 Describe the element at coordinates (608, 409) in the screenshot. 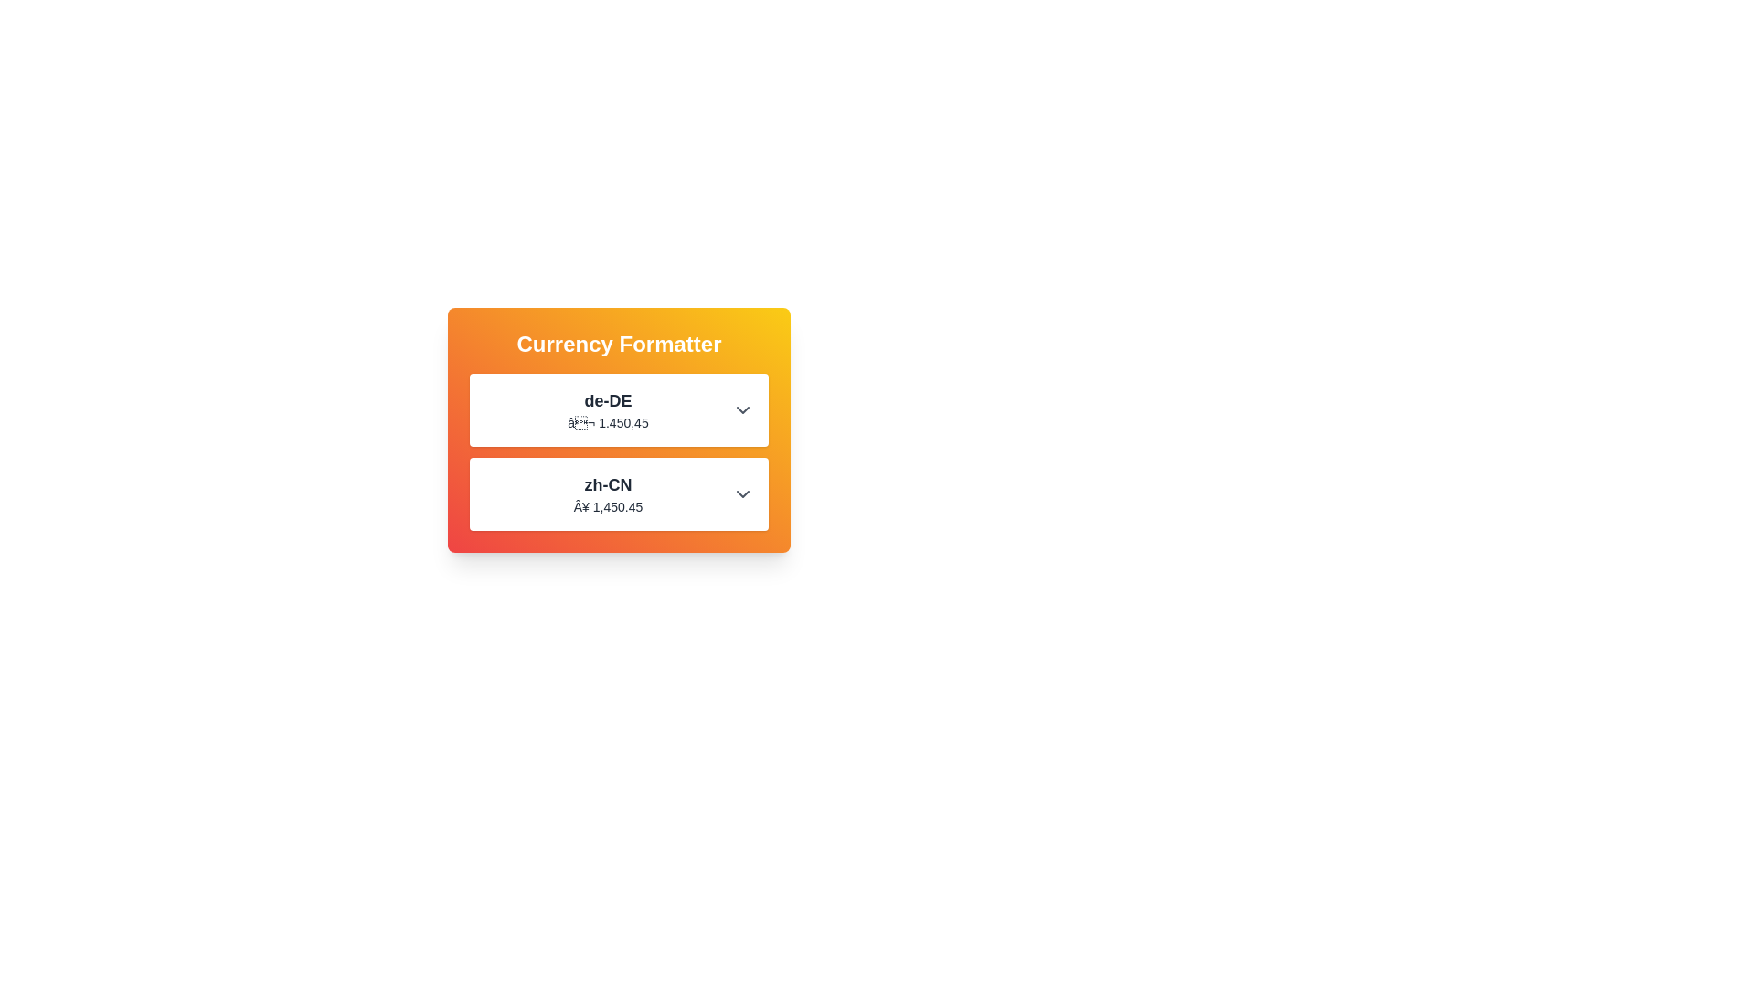

I see `the selectable locale and currency format element within the 'Currency Formatter' module` at that location.